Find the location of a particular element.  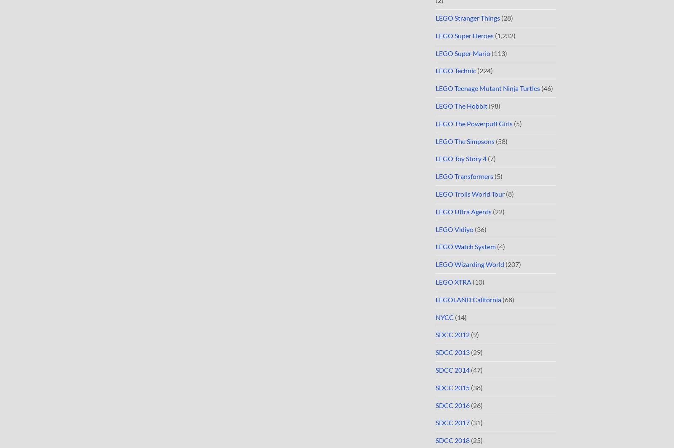

'LEGO The Powerpuff Girls' is located at coordinates (474, 123).